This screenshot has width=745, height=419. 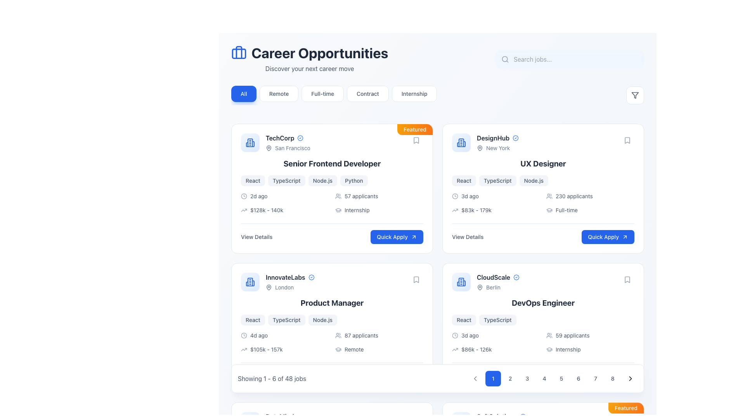 What do you see at coordinates (497, 181) in the screenshot?
I see `the 'TypeScript' badge, which is the second badge in the group of three badges within the 'DesignHub' UX Designer card, located in the right column` at bounding box center [497, 181].